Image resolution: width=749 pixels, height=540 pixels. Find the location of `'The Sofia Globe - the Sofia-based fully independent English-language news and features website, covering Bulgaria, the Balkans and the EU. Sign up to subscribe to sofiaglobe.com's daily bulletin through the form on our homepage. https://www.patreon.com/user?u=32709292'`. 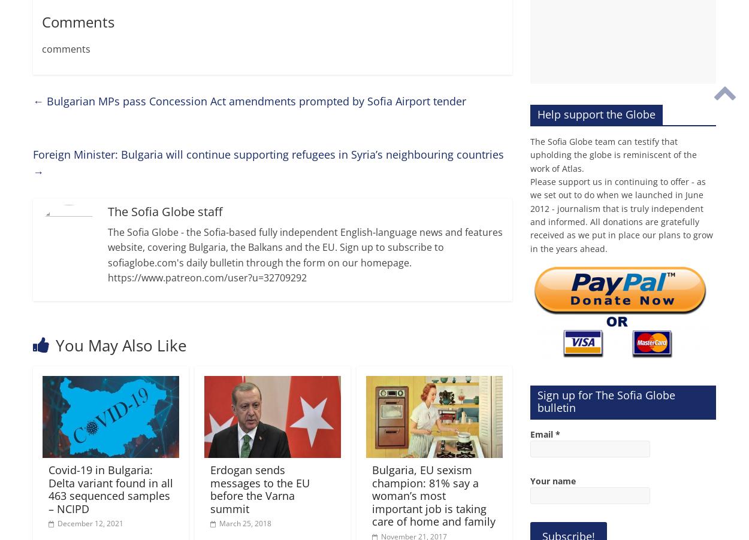

'The Sofia Globe - the Sofia-based fully independent English-language news and features website, covering Bulgaria, the Balkans and the EU. Sign up to subscribe to sofiaglobe.com's daily bulletin through the form on our homepage. https://www.patreon.com/user?u=32709292' is located at coordinates (108, 254).